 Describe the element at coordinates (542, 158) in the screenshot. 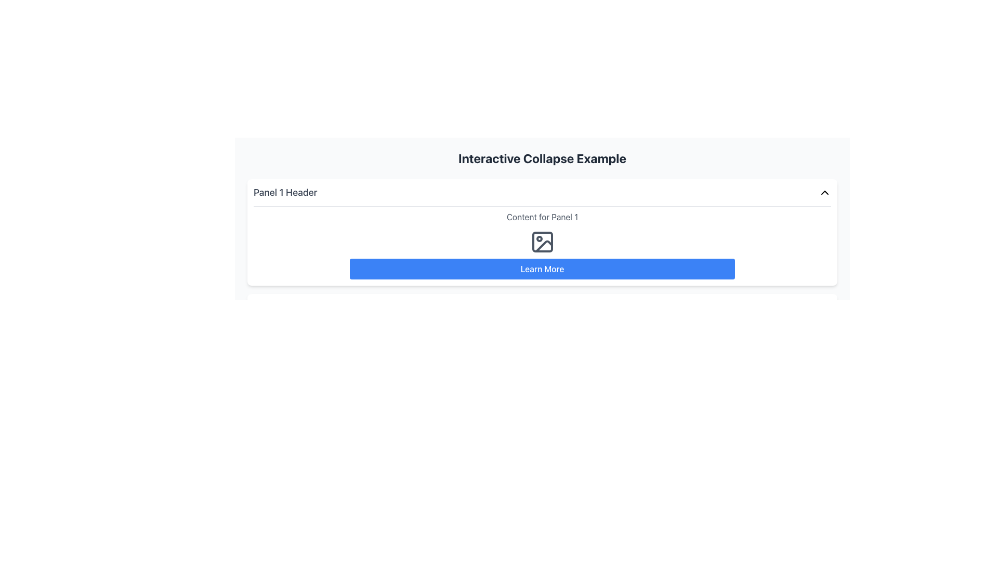

I see `the heading text element located at the top of the content, which serves as the title for the section` at that location.